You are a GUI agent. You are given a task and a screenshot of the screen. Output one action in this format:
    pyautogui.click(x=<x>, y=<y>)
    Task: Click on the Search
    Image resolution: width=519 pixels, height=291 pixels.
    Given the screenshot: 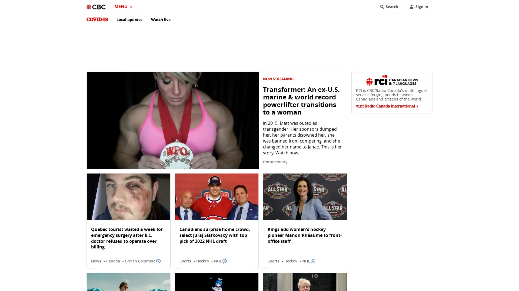 What is the action you would take?
    pyautogui.click(x=390, y=6)
    